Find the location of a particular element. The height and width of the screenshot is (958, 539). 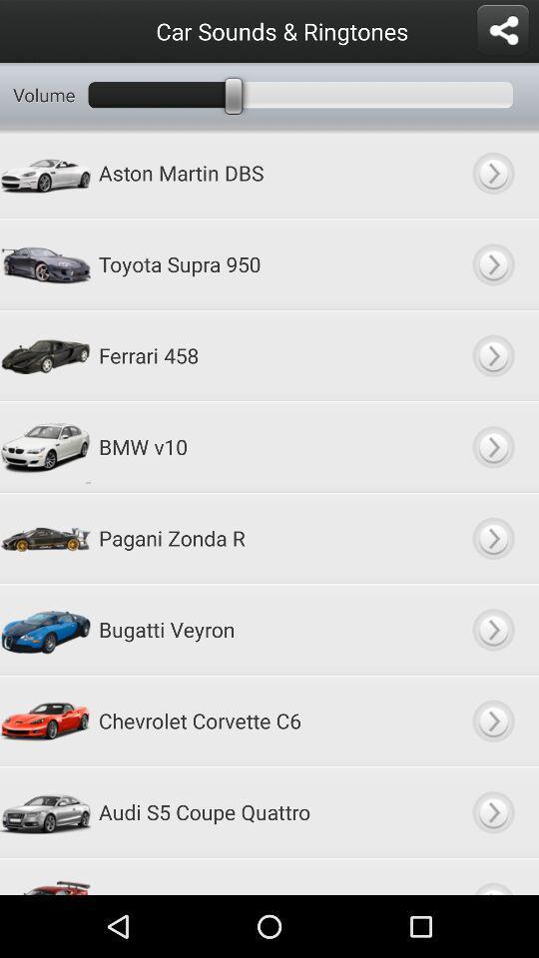

setting is located at coordinates (501, 30).